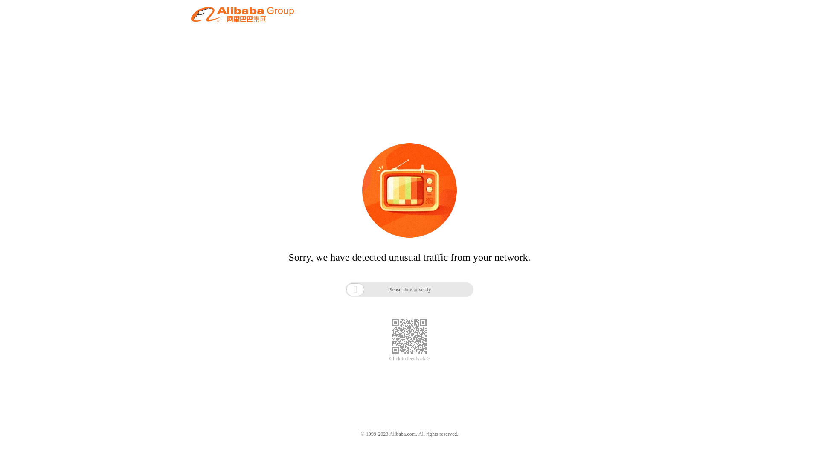 This screenshot has height=460, width=819. Describe the element at coordinates (409, 359) in the screenshot. I see `'Click to feedback >'` at that location.